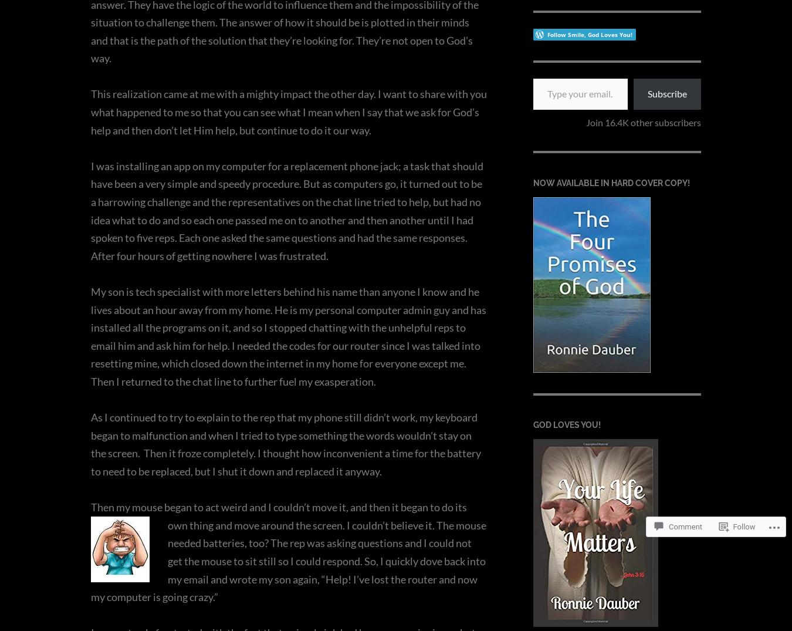 The width and height of the screenshot is (792, 631). Describe the element at coordinates (288, 112) in the screenshot. I see `'This realization came at me with a mighty impact the other day. I want to share with you what happened to me so that you can see what I mean when I say that we ask for God’s help and then don’t let Him help, but continue to do it our way.'` at that location.